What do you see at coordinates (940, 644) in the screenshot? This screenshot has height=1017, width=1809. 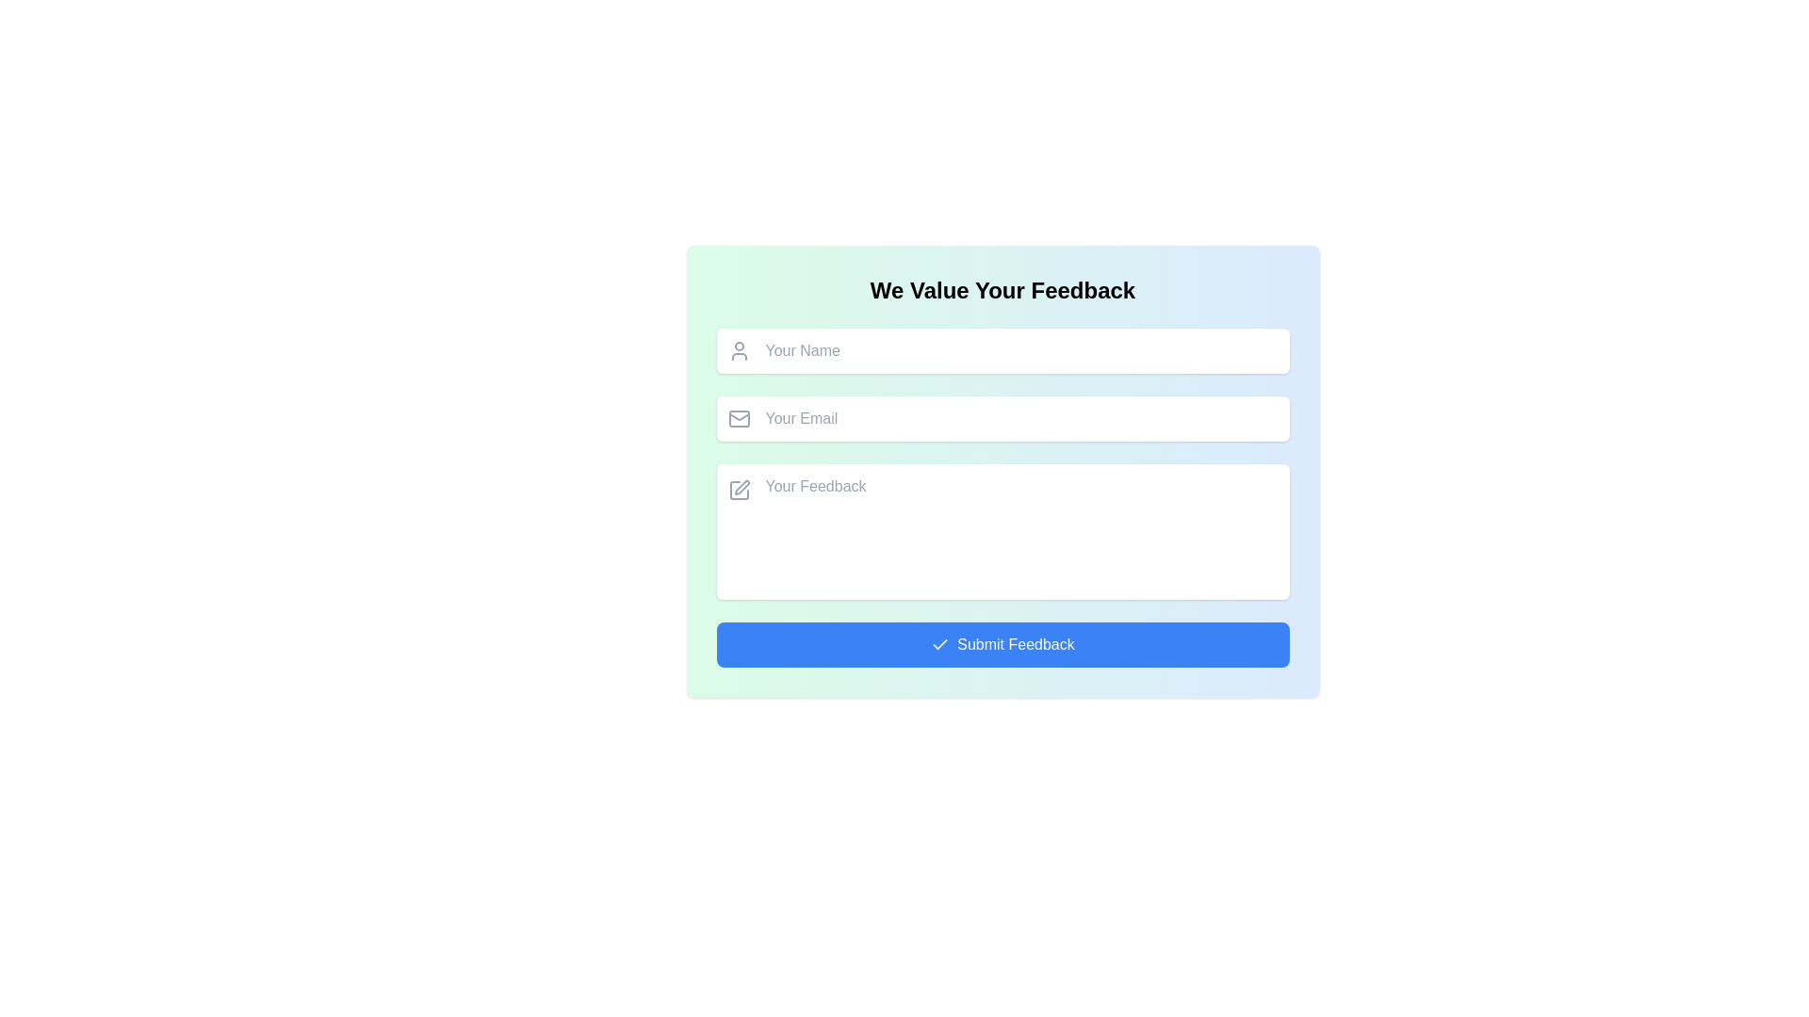 I see `the small checkmark icon styled as an SVG graphic, located on the left side of the 'Submit Feedback' button` at bounding box center [940, 644].